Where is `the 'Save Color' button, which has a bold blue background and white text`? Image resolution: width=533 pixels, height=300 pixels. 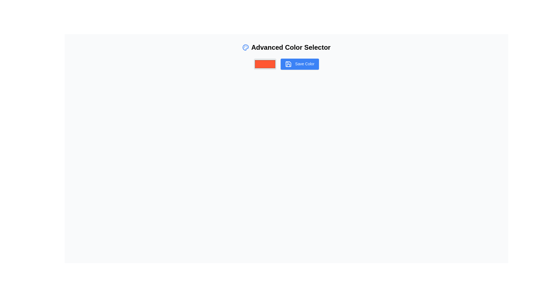
the 'Save Color' button, which has a bold blue background and white text is located at coordinates (286, 64).